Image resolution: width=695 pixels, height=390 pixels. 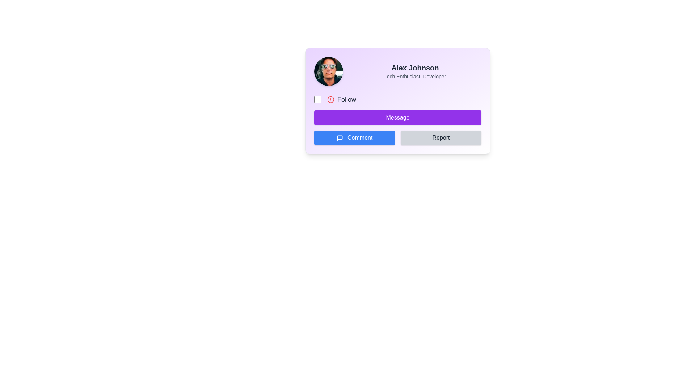 What do you see at coordinates (415, 68) in the screenshot?
I see `the static text element displaying 'Alex Johnson', which is styled in a bold, large font and located below the profile image` at bounding box center [415, 68].